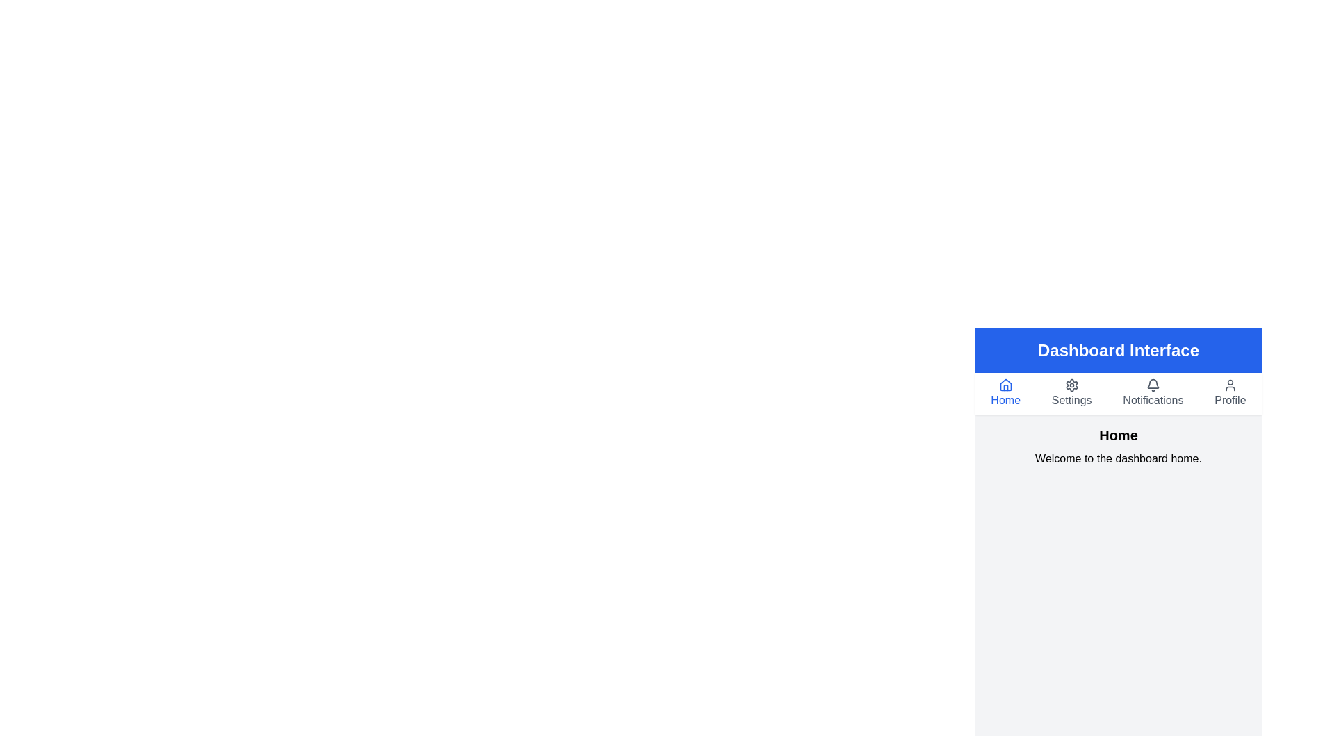  Describe the element at coordinates (1071, 385) in the screenshot. I see `the gear-shaped icon in the navigation bar beneath the 'Dashboard Interface'` at that location.